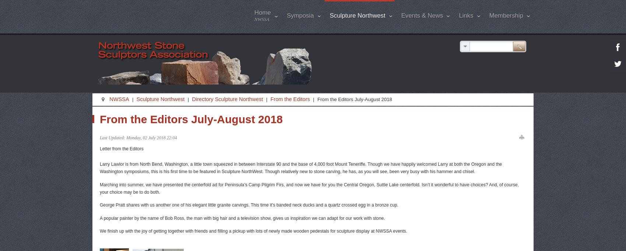  Describe the element at coordinates (483, 125) in the screenshot. I see `'Search - K2'` at that location.